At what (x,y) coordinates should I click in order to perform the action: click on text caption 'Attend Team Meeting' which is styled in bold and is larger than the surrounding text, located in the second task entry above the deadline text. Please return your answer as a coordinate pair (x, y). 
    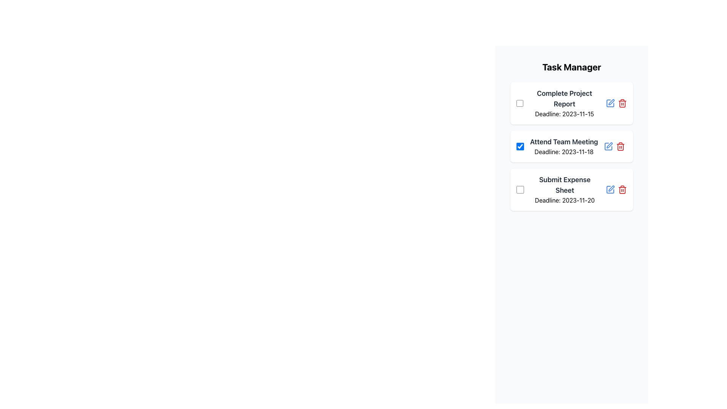
    Looking at the image, I should click on (564, 142).